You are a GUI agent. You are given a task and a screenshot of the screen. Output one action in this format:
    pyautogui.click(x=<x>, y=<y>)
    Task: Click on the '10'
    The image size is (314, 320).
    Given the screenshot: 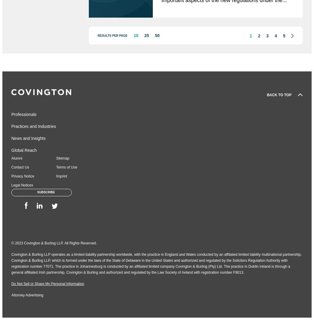 What is the action you would take?
    pyautogui.click(x=136, y=35)
    